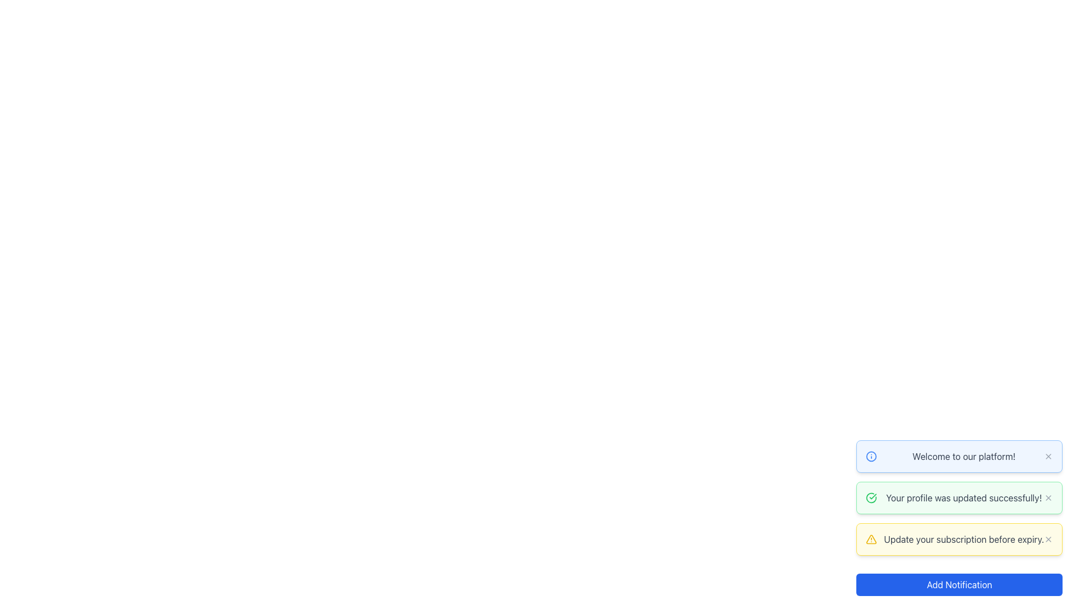 This screenshot has width=1076, height=605. Describe the element at coordinates (871, 539) in the screenshot. I see `the alert icon indicating an important notification, which is located to the left of the notification text 'Update your subscription before expiry.'` at that location.